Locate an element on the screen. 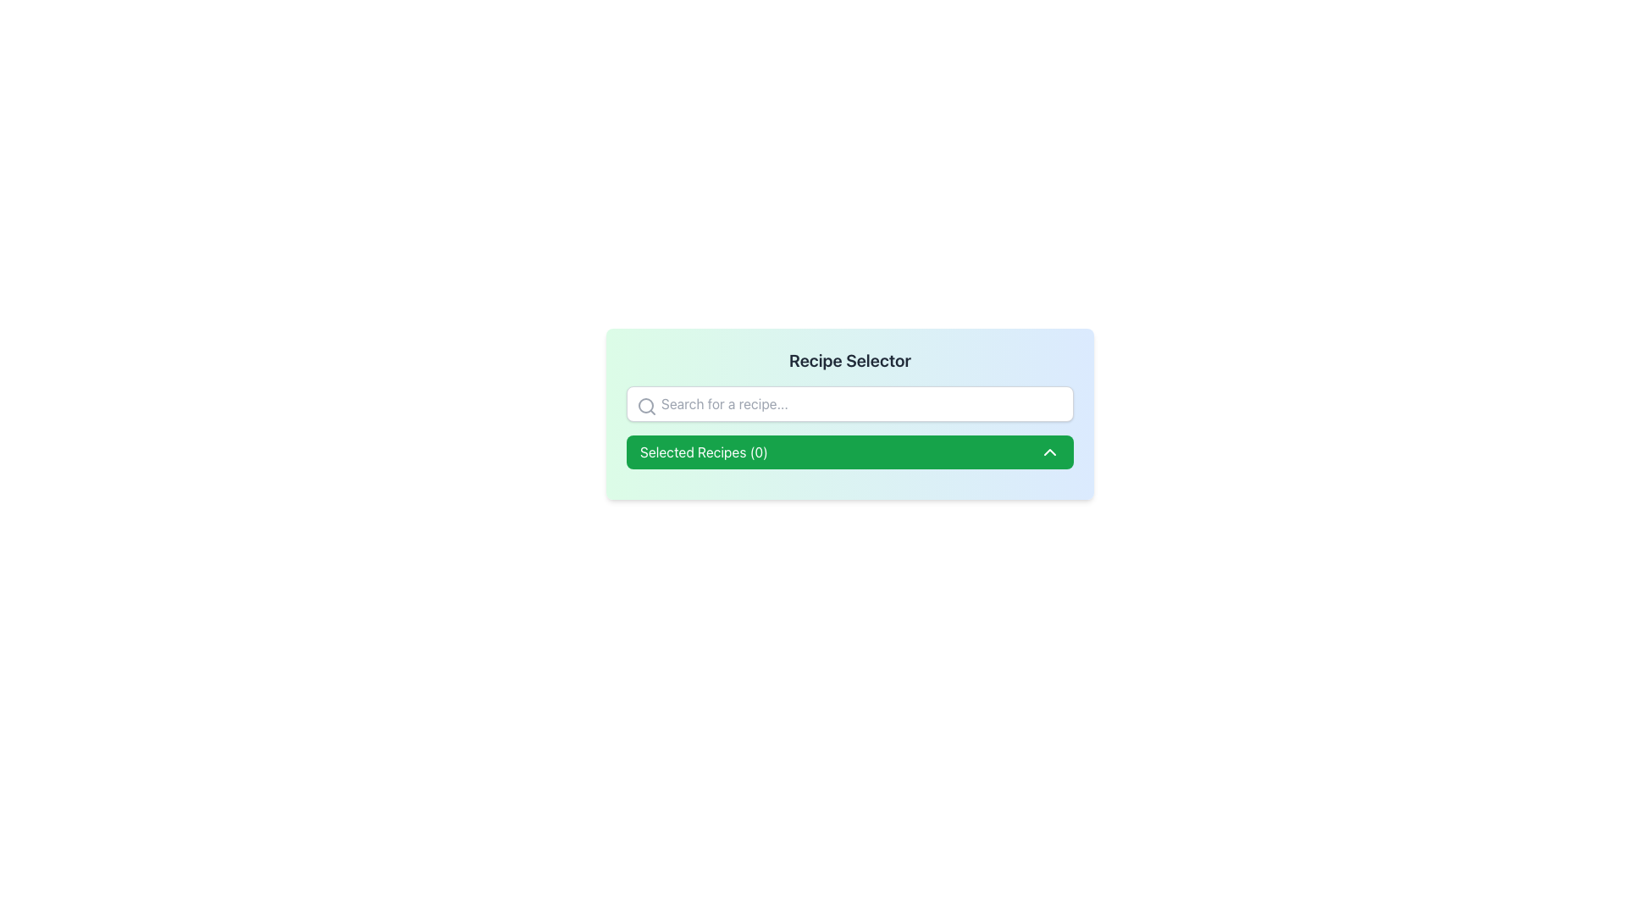 Image resolution: width=1626 pixels, height=915 pixels. the magnifying glass icon located on the left side of the 'Search for a recipe...' text input field in the 'Recipe Selector' box is located at coordinates (645, 406).